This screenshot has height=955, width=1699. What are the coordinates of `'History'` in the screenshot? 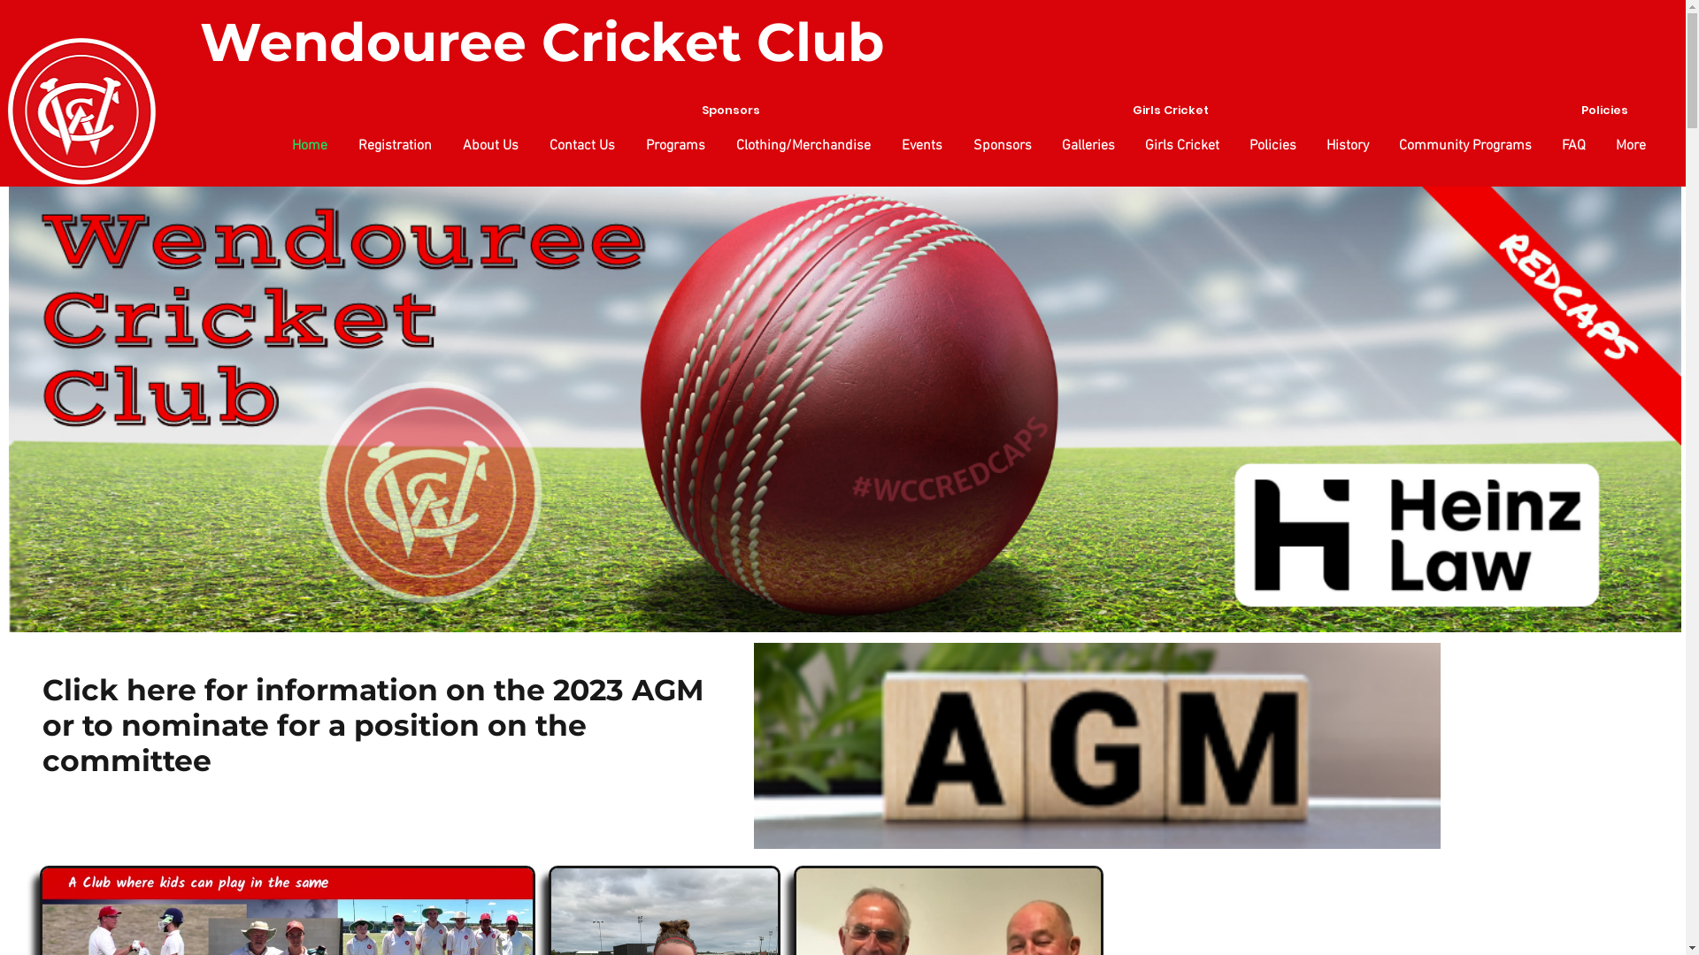 It's located at (1345, 145).